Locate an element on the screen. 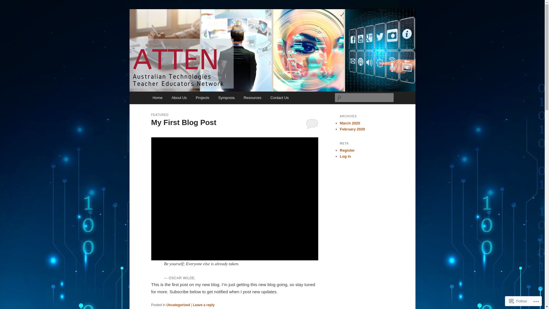 This screenshot has height=309, width=549. 'Resources' is located at coordinates (252, 97).